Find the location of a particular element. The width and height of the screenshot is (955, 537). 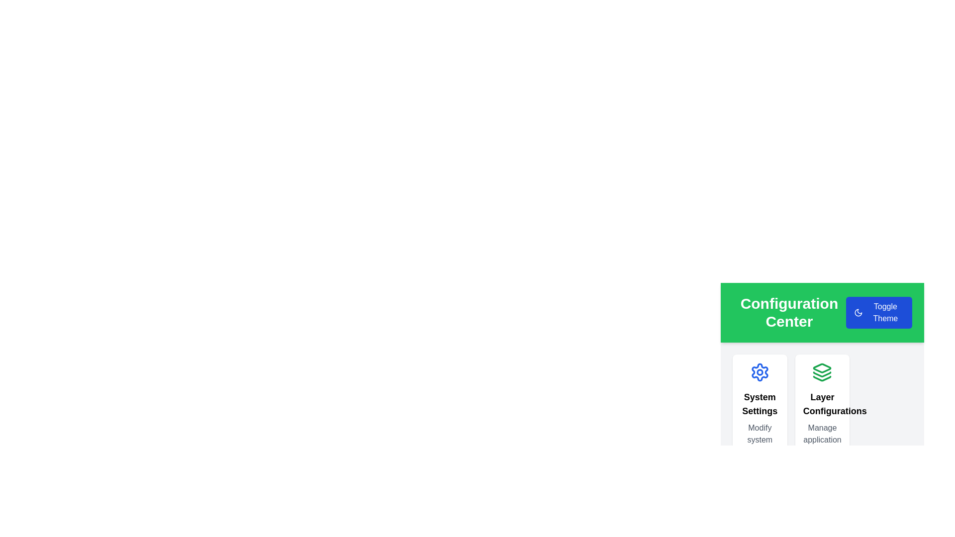

descriptive text label located directly underneath the 'Layer Configurations' heading in the card interface, which provides additional clarification about this feature is located at coordinates (822, 446).